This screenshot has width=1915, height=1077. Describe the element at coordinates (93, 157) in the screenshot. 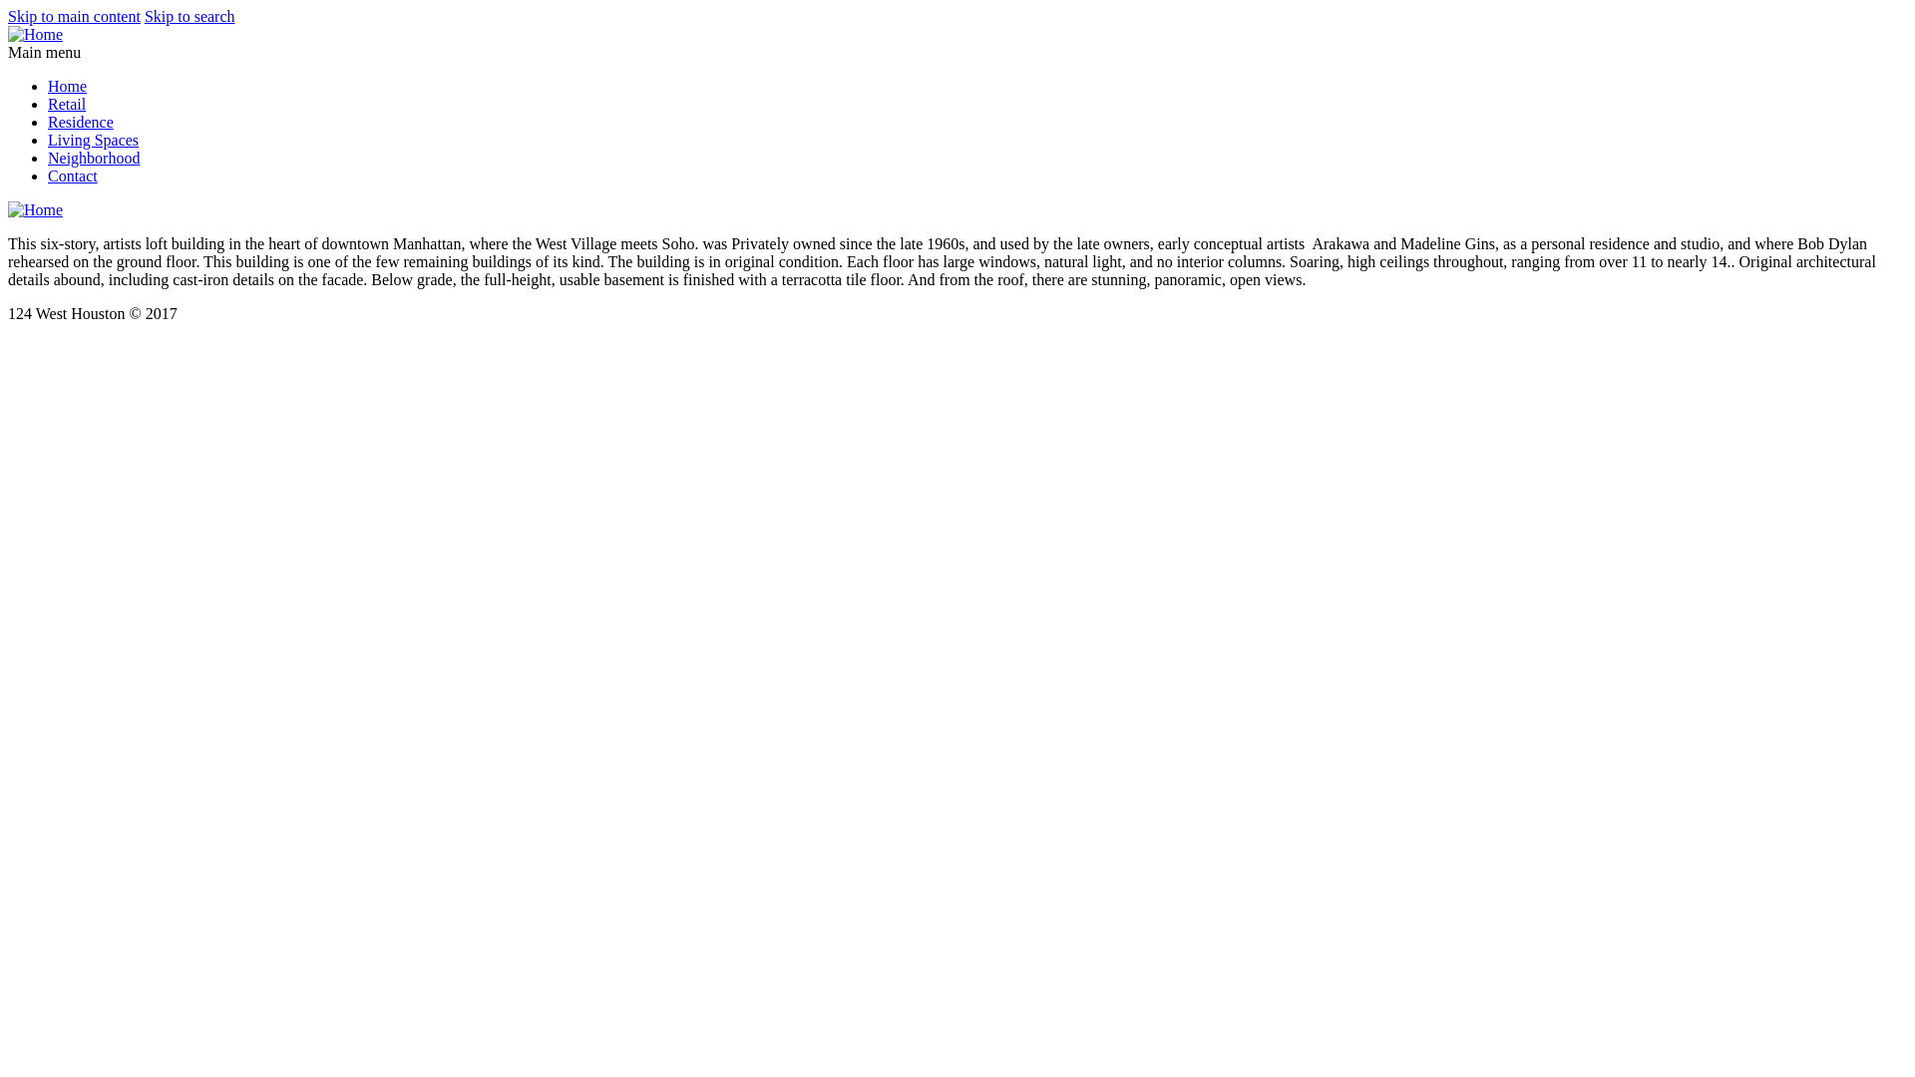

I see `'Neighborhood'` at that location.